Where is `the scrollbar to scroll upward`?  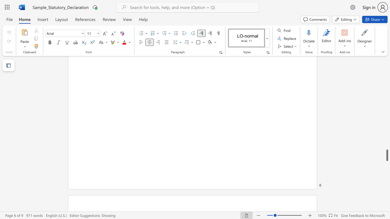 the scrollbar to scroll upward is located at coordinates (387, 127).